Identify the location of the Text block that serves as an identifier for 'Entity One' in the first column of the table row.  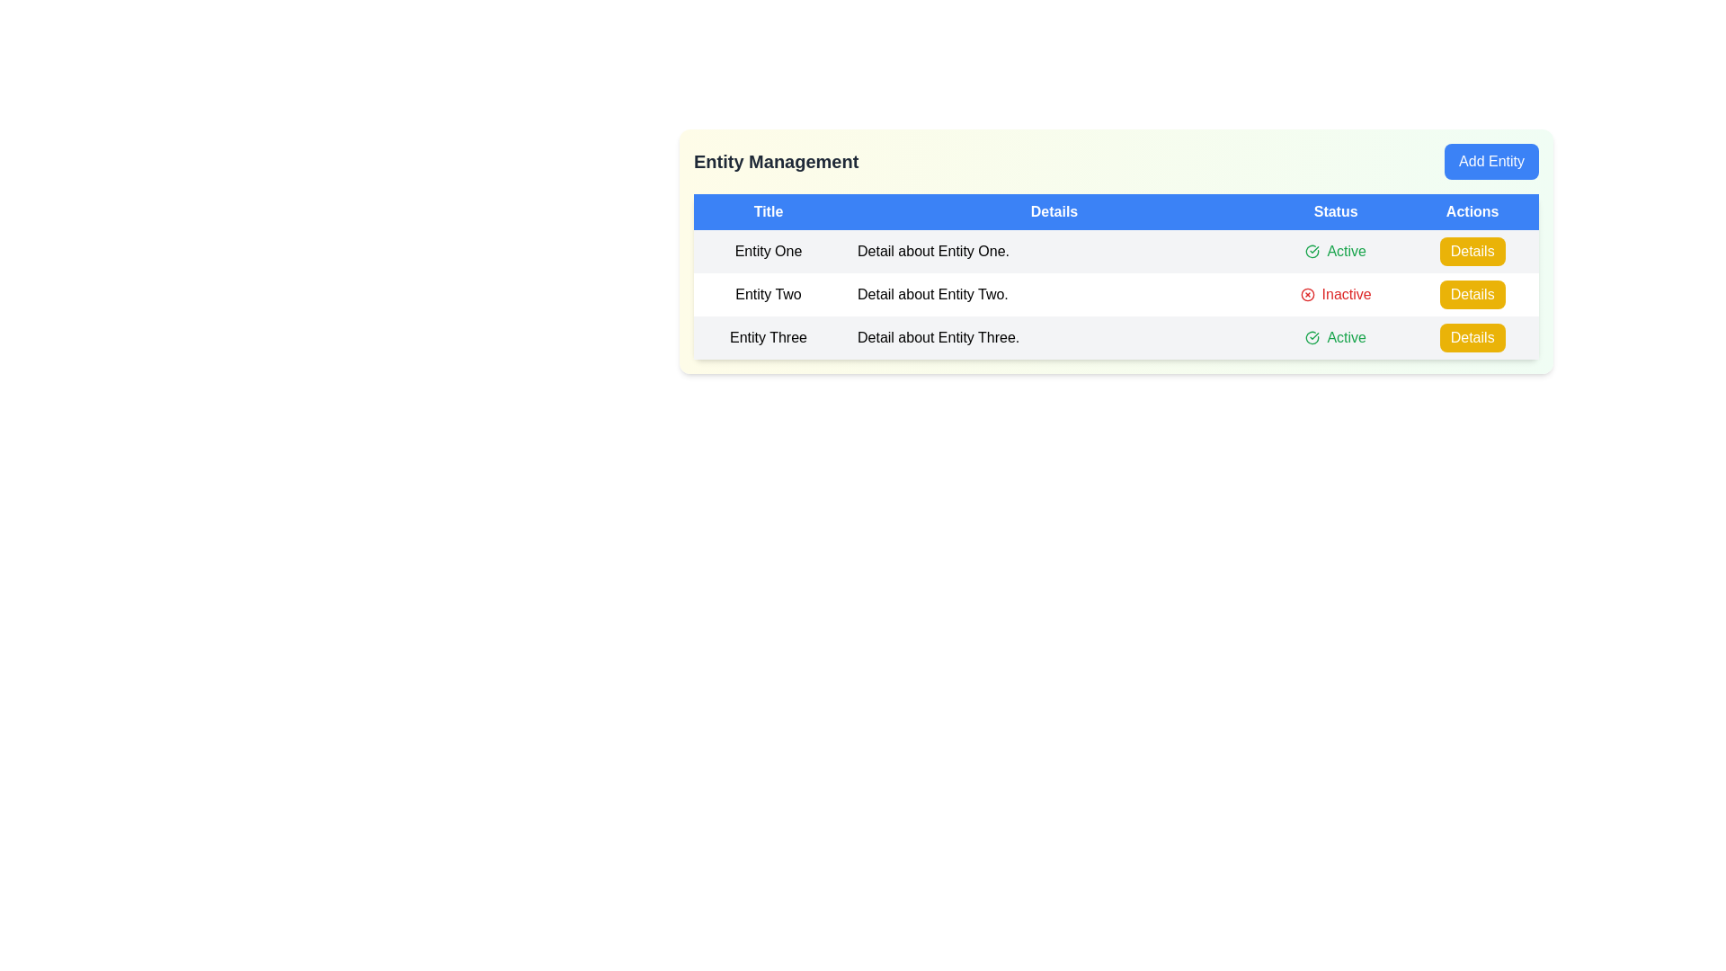
(768, 252).